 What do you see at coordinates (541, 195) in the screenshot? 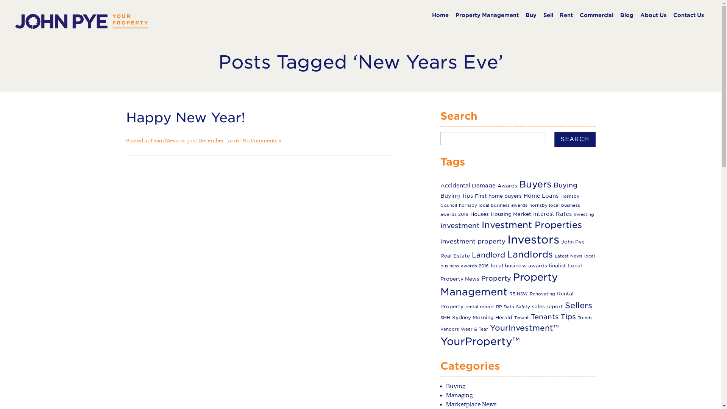
I see `'Home Loans'` at bounding box center [541, 195].